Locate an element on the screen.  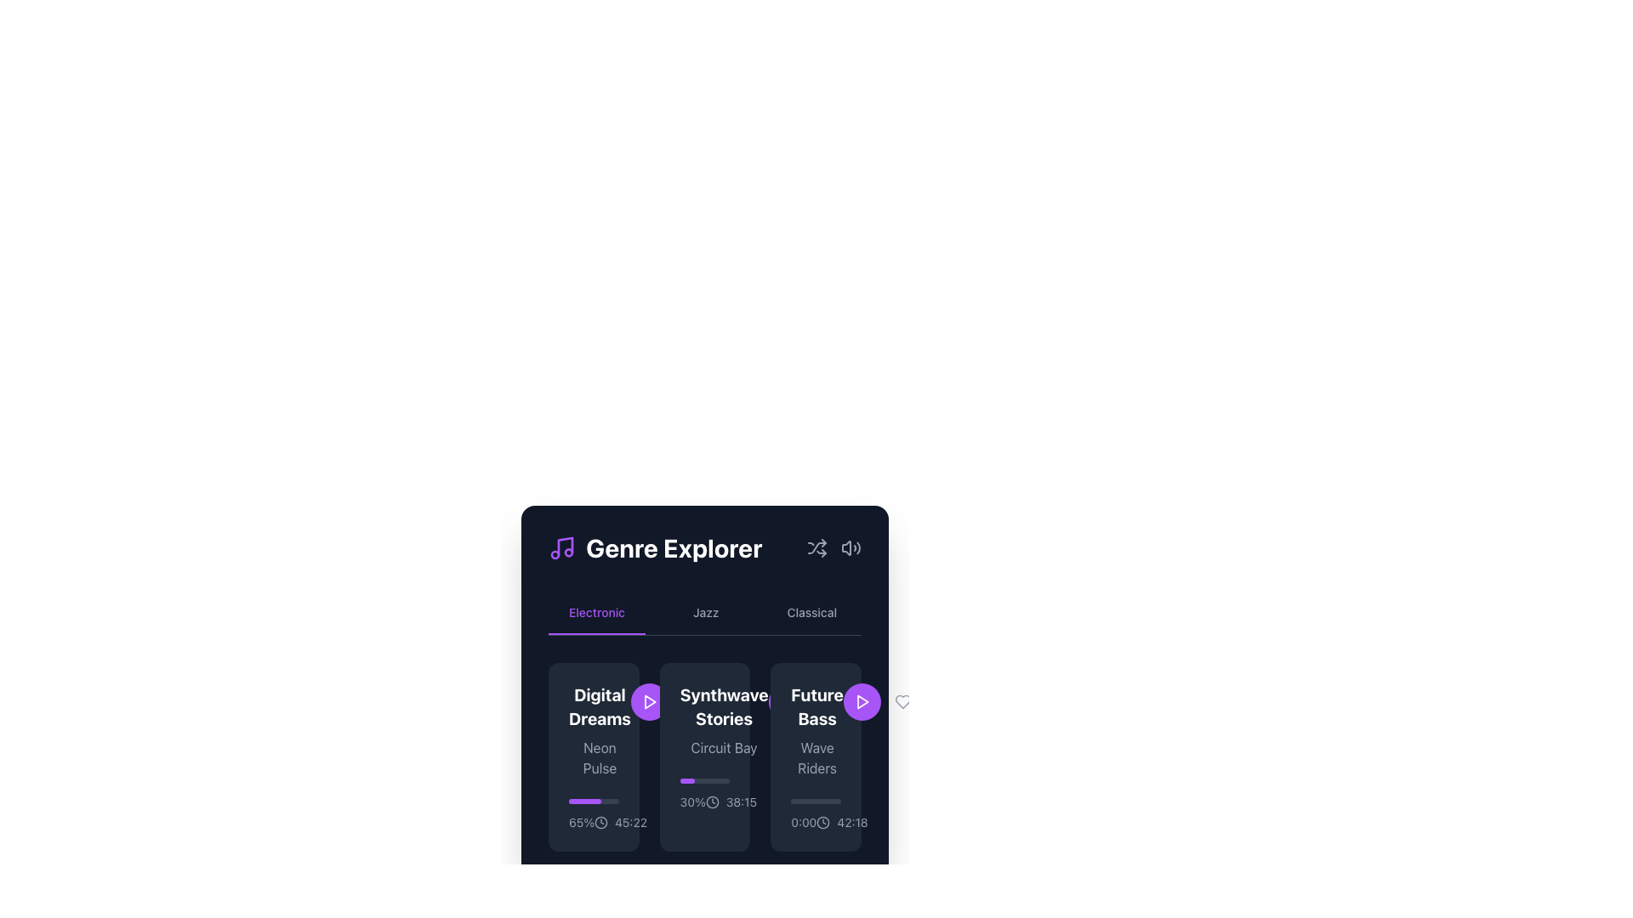
the title and subtitle display component located in the top-left section of the leftmost card under the 'Electronic' tab is located at coordinates (600, 730).